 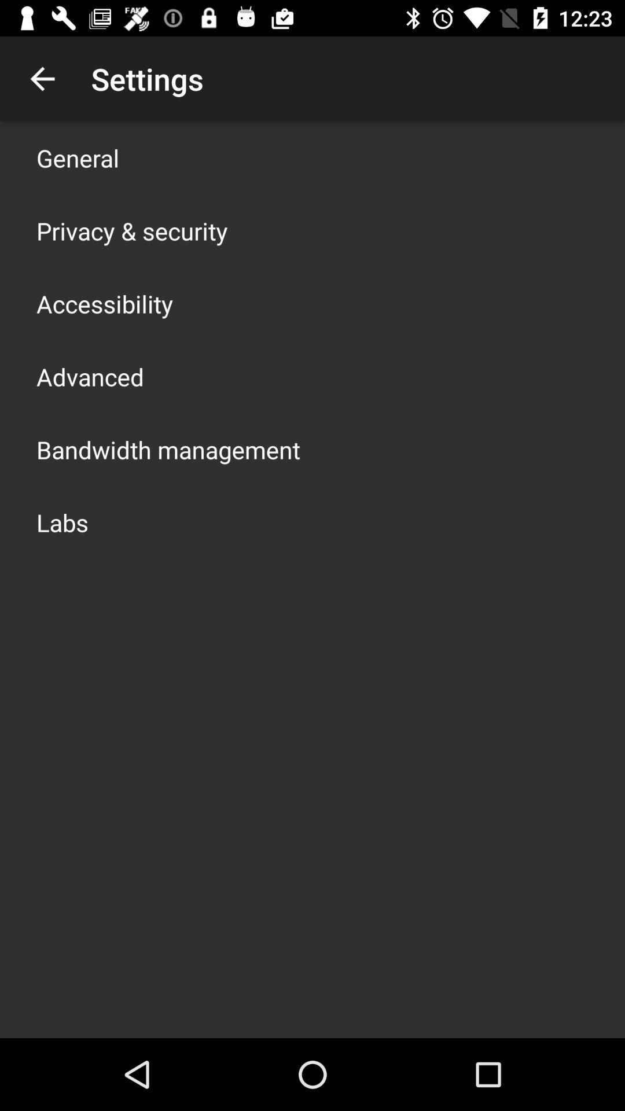 I want to click on icon above the bandwidth management, so click(x=89, y=377).